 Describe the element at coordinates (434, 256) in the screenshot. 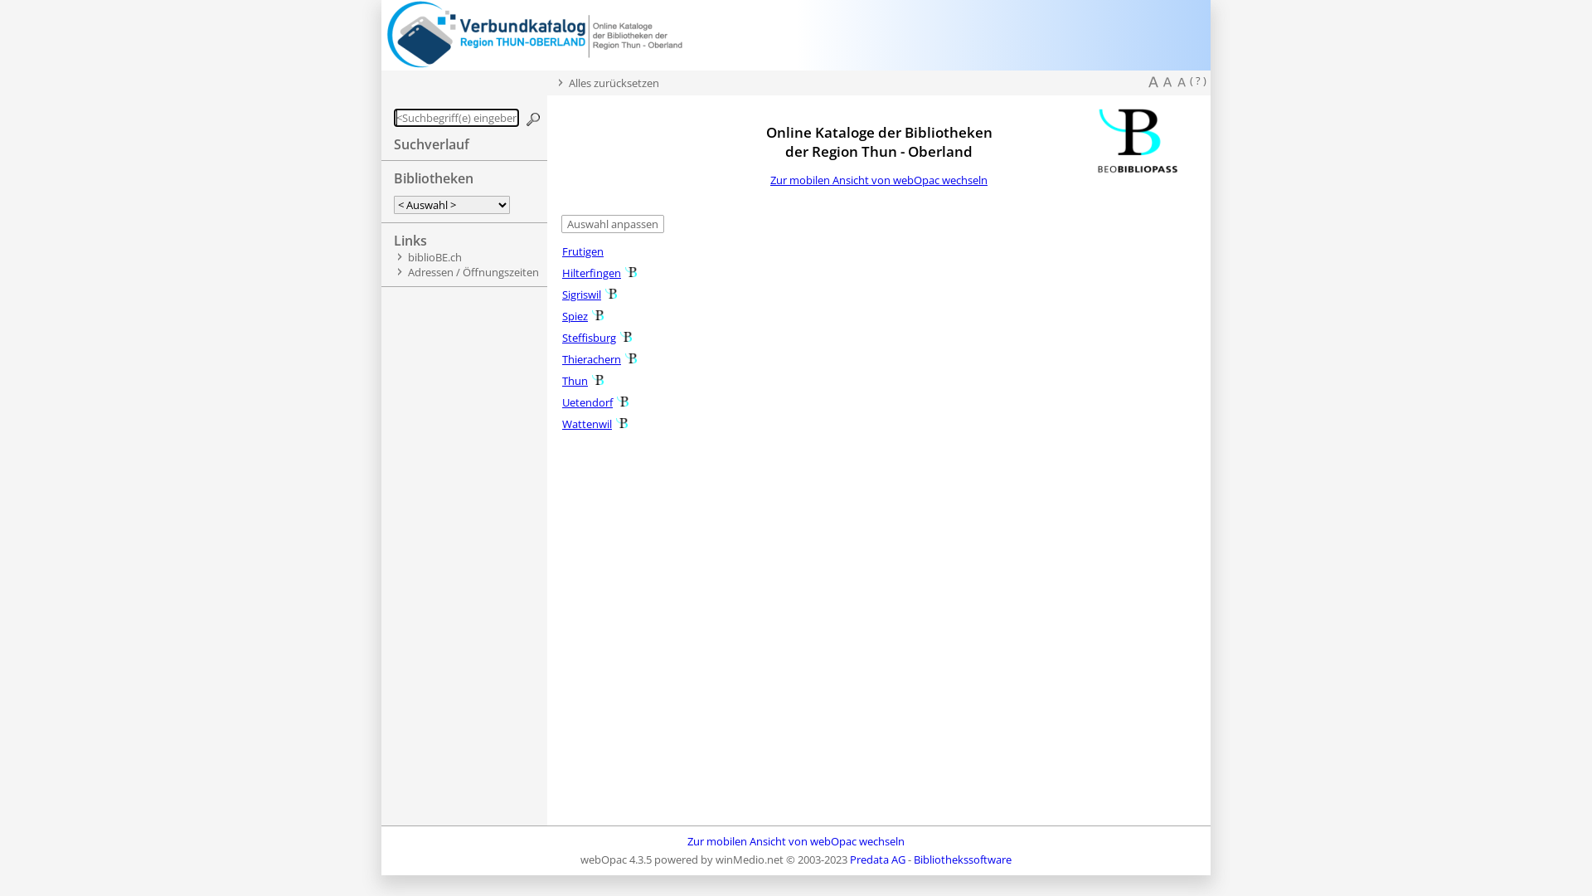

I see `'biblioBE.ch'` at that location.